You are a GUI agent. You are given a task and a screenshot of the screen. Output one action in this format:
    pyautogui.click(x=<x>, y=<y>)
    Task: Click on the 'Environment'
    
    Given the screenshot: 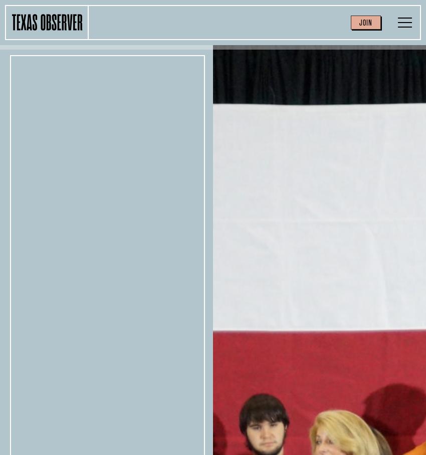 What is the action you would take?
    pyautogui.click(x=254, y=115)
    